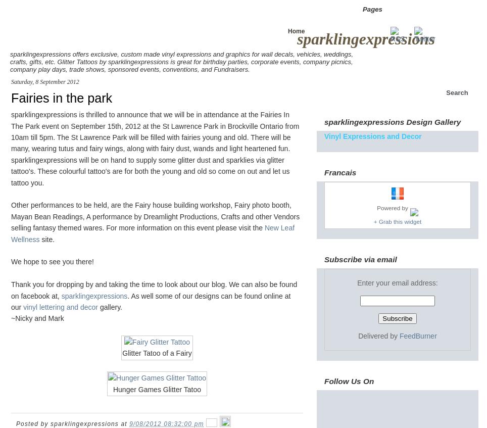 The image size is (487, 428). What do you see at coordinates (374, 221) in the screenshot?
I see `'+'` at bounding box center [374, 221].